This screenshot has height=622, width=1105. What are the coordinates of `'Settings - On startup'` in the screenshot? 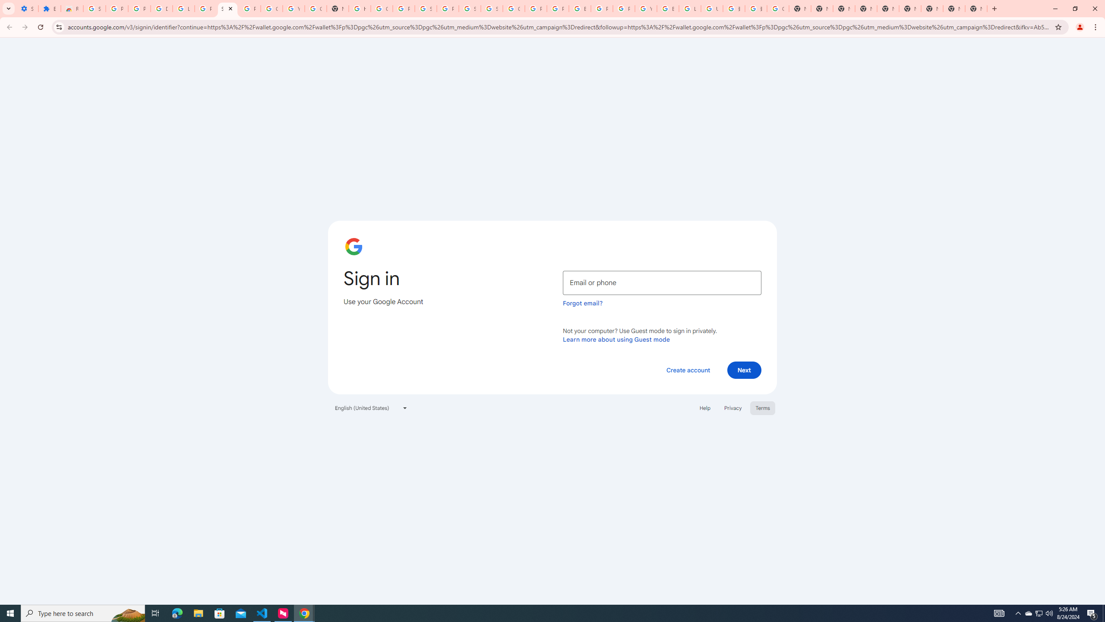 It's located at (26, 8).